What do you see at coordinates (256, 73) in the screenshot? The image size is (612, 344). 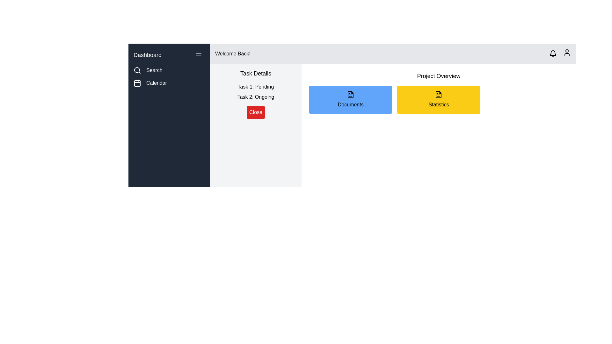 I see `title text 'Task Details' that serves as the header for the task information box located at the top of the leftmost white box` at bounding box center [256, 73].